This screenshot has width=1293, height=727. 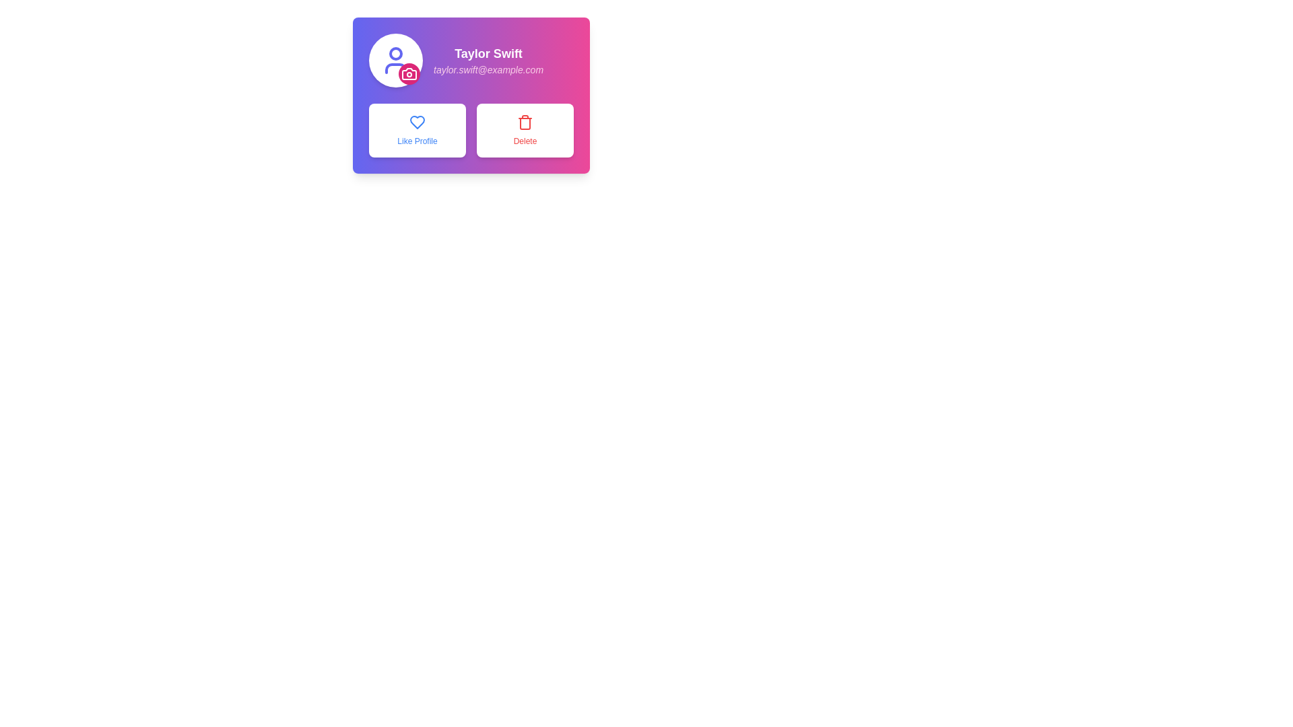 What do you see at coordinates (395, 59) in the screenshot?
I see `the user profile icon, which is indigo and styled with a circular head and partial torso, located to the left of the 'Taylor Swift' label` at bounding box center [395, 59].